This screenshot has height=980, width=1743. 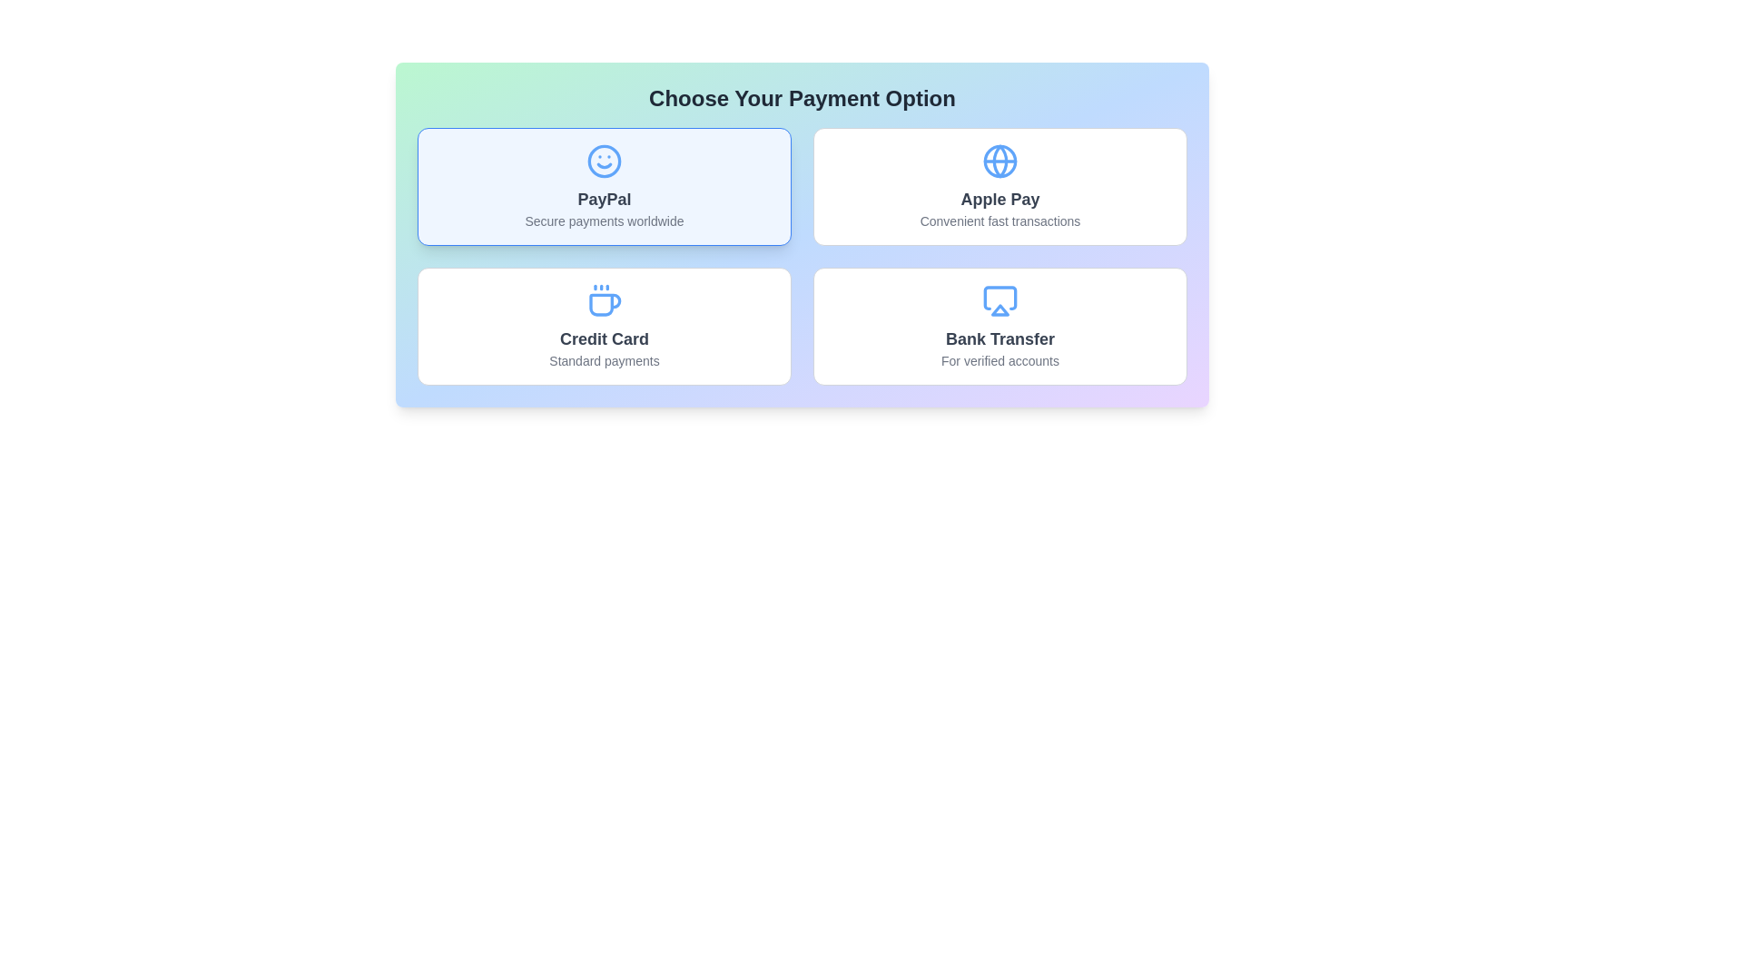 I want to click on the text label that displays 'Apple Pay', which is styled in bold, medium-large gray font and located in the second card from the left in the top row of a grid layout, so click(x=1000, y=199).